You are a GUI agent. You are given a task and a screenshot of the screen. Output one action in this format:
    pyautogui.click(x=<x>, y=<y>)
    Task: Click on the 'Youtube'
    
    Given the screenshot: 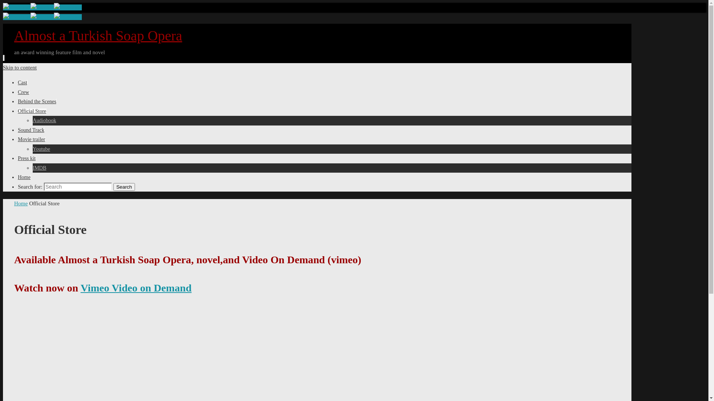 What is the action you would take?
    pyautogui.click(x=32, y=149)
    